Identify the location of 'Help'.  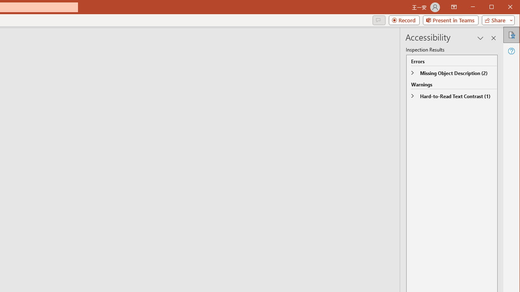
(511, 51).